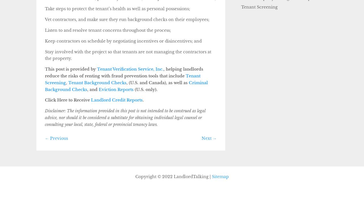 The height and width of the screenshot is (207, 364). I want to click on ',', so click(66, 82).